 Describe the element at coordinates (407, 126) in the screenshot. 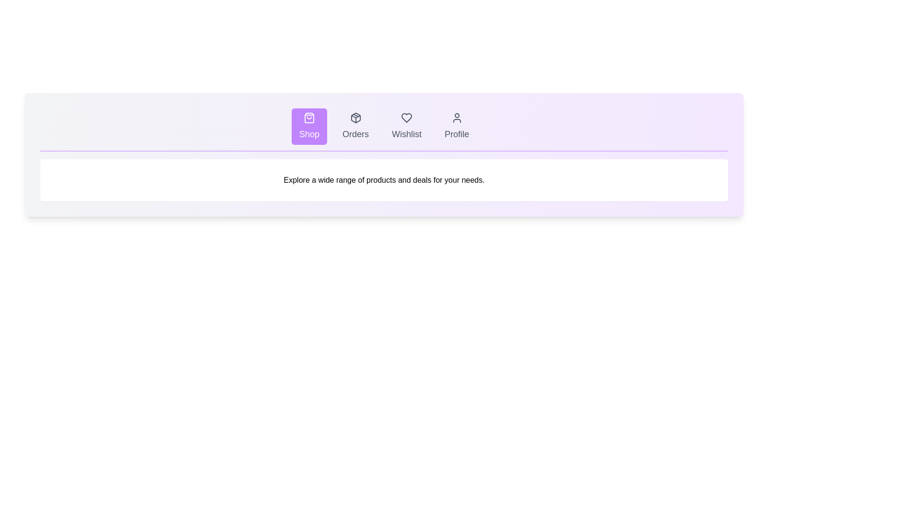

I see `the tab labeled Wishlist` at that location.